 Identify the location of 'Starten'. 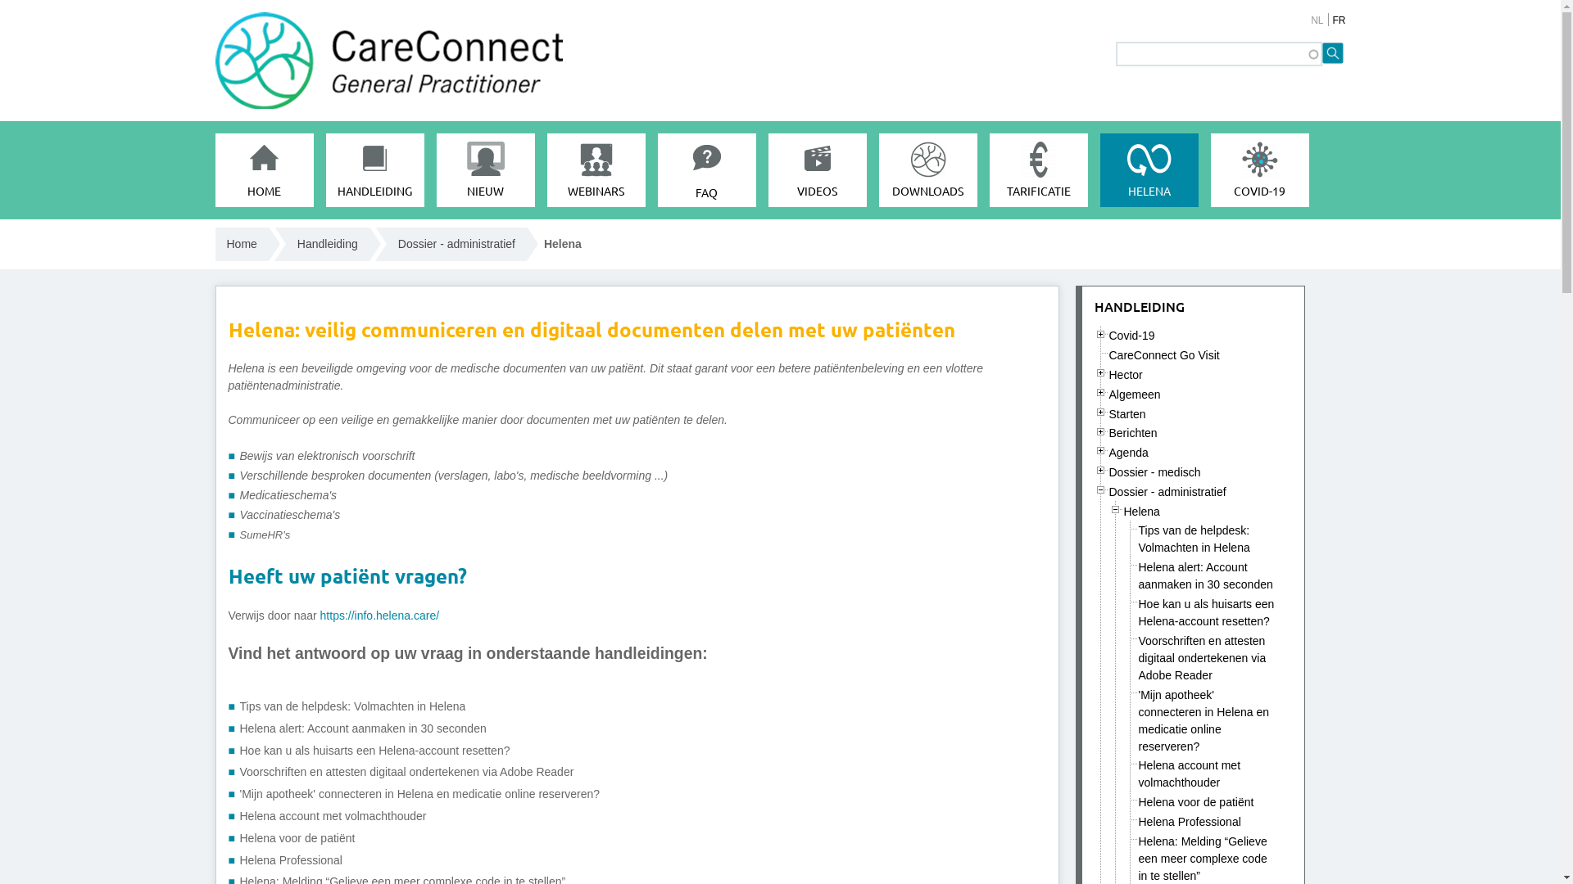
(1126, 413).